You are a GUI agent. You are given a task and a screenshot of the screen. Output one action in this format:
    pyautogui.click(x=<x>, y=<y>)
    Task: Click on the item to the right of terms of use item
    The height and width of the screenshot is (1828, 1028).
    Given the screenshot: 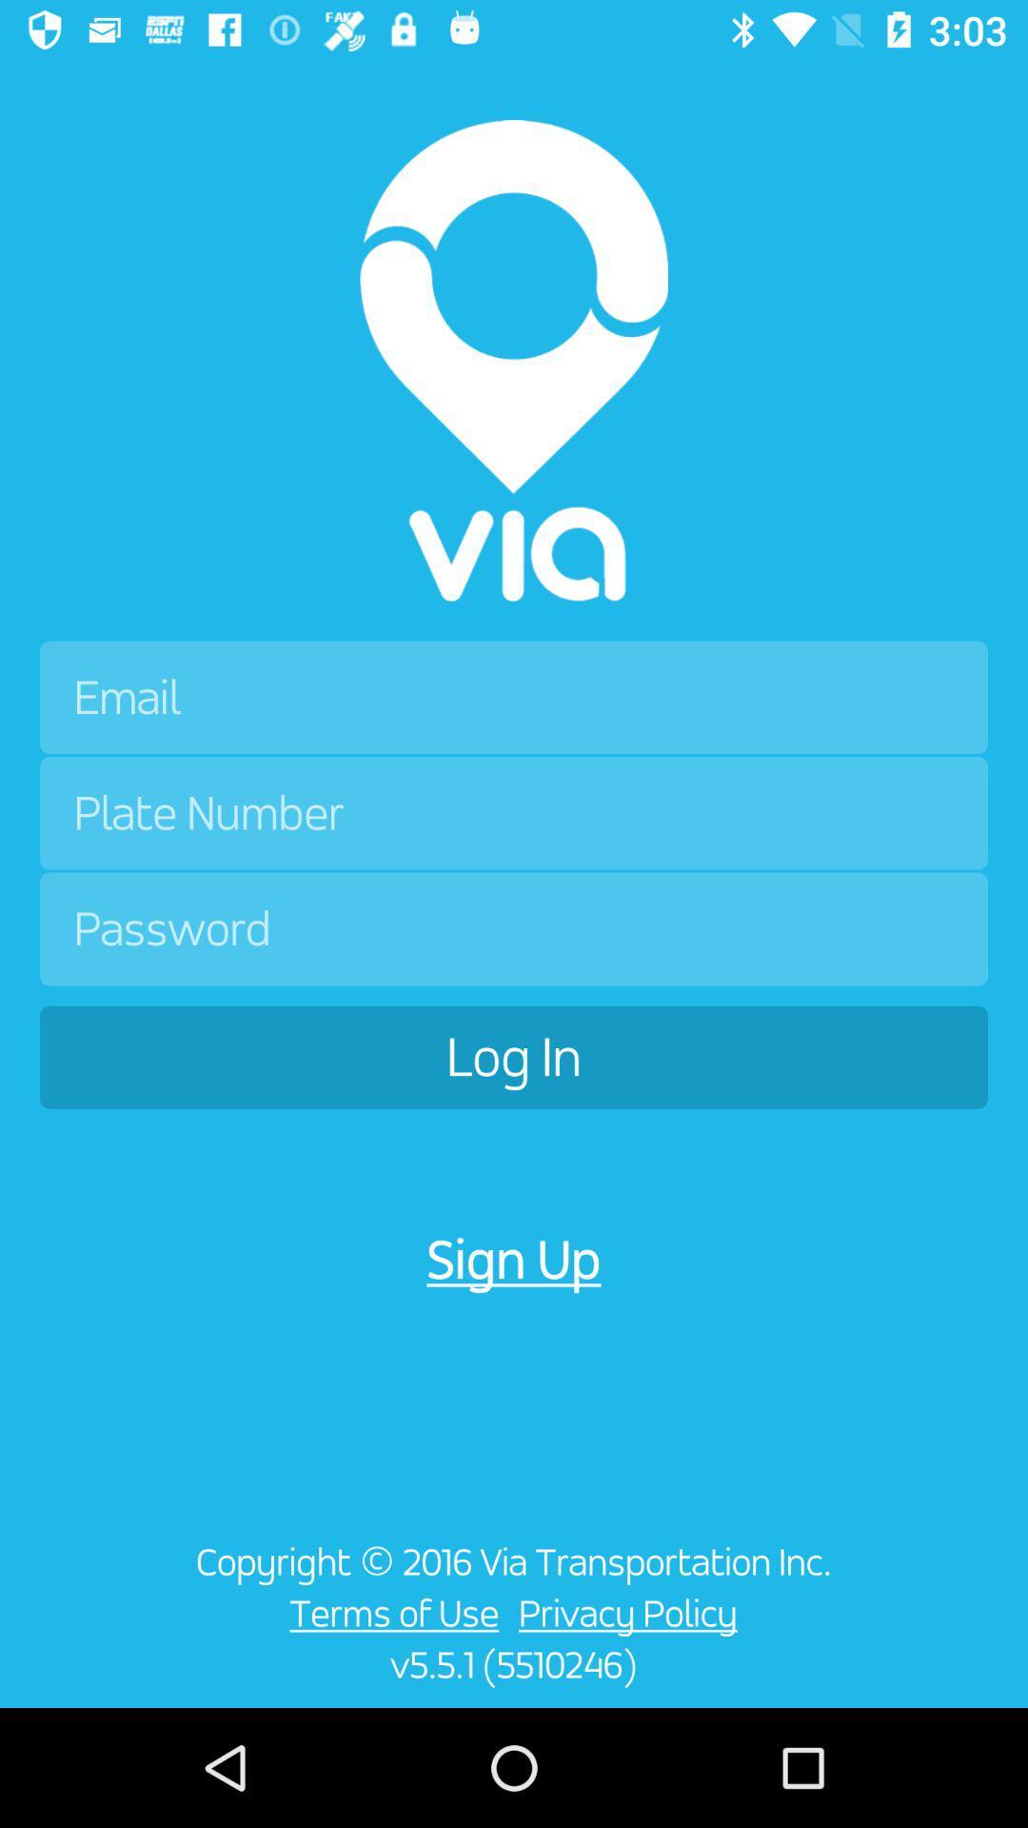 What is the action you would take?
    pyautogui.click(x=633, y=1612)
    